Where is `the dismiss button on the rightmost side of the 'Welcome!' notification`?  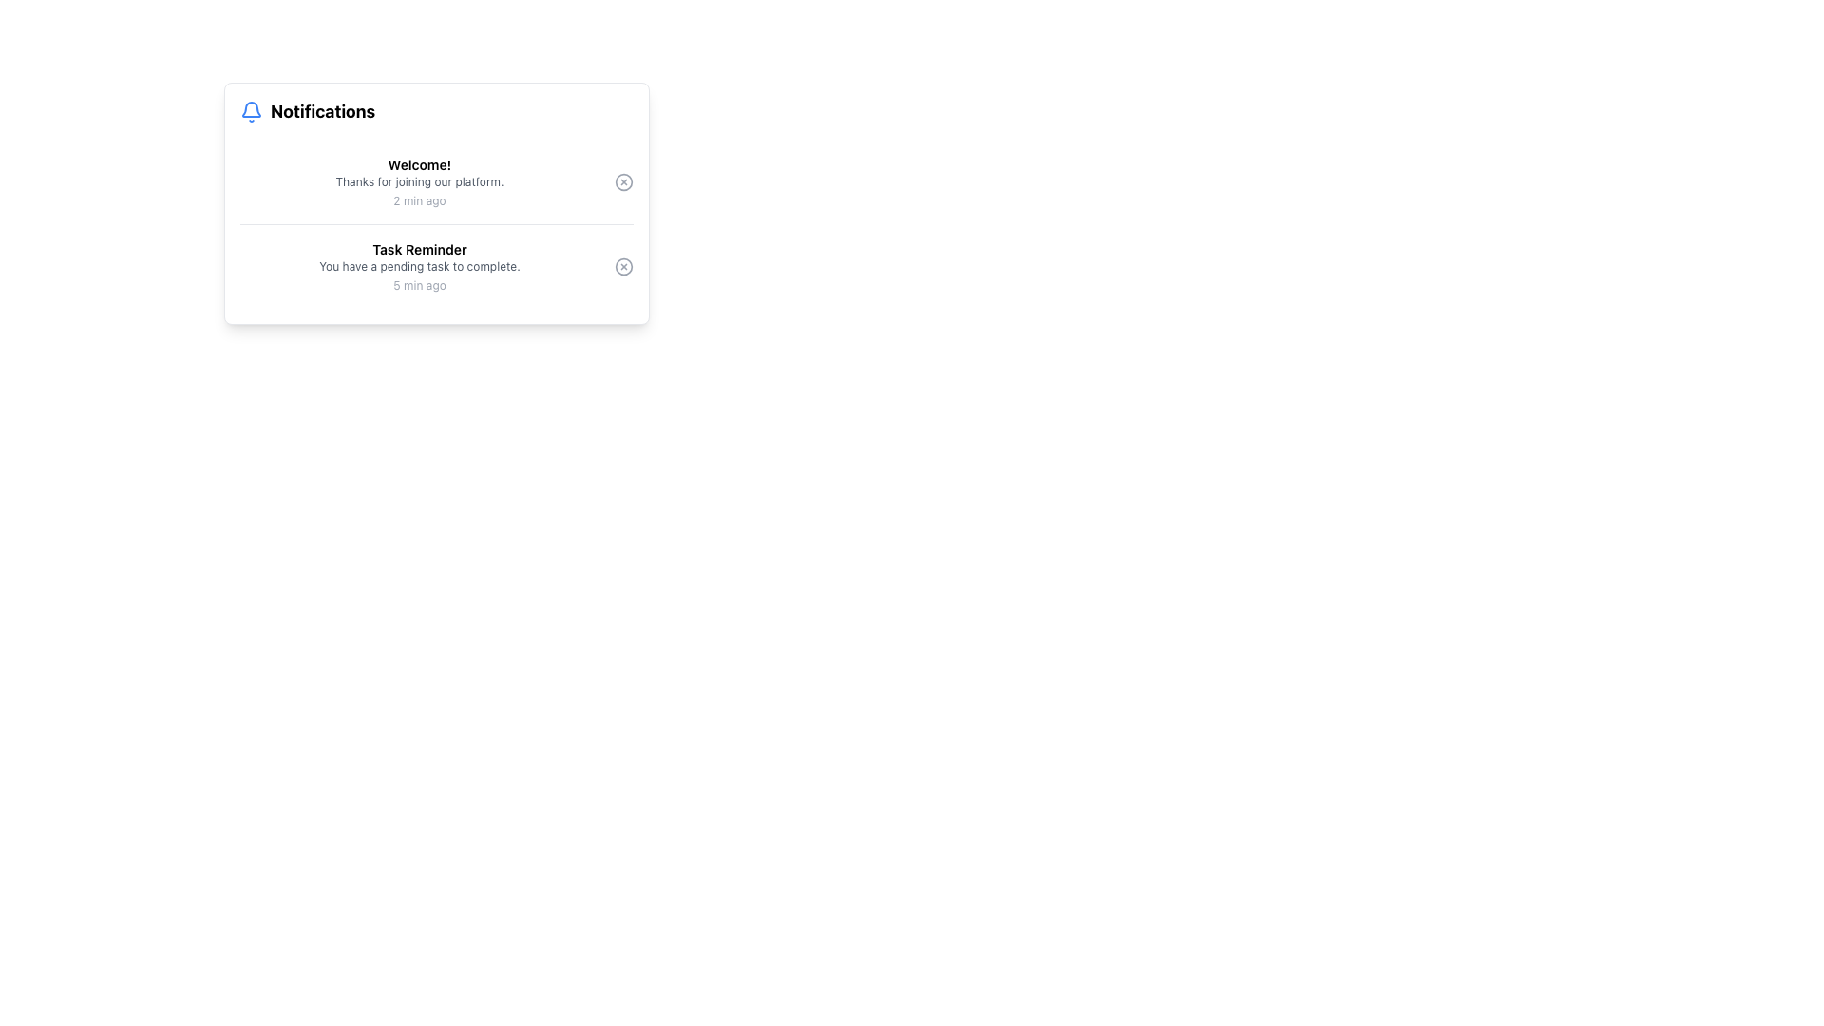
the dismiss button on the rightmost side of the 'Welcome!' notification is located at coordinates (624, 182).